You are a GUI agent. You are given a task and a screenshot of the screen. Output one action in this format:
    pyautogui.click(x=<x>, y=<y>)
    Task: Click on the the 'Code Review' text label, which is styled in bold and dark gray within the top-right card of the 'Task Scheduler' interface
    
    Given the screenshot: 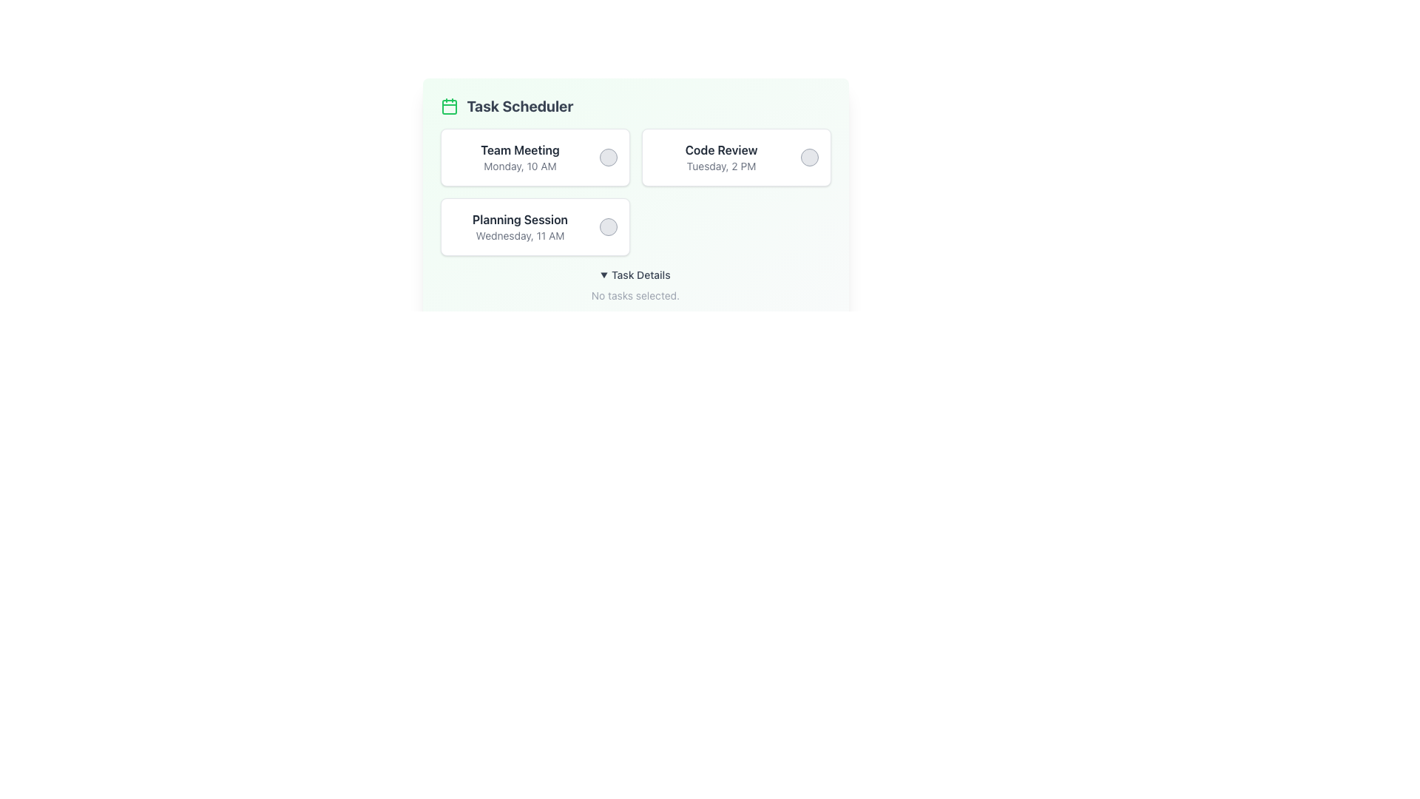 What is the action you would take?
    pyautogui.click(x=721, y=150)
    